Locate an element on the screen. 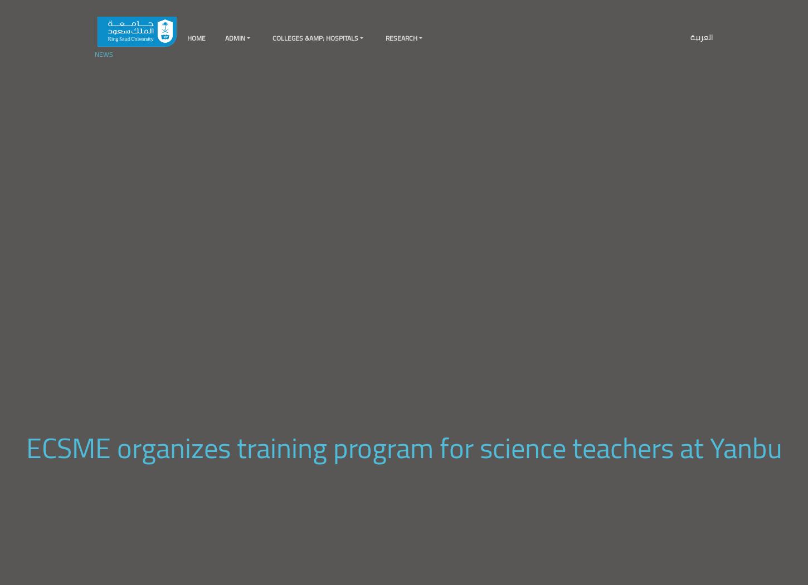 This screenshot has height=585, width=808. 'KSU Medical City' is located at coordinates (317, 314).